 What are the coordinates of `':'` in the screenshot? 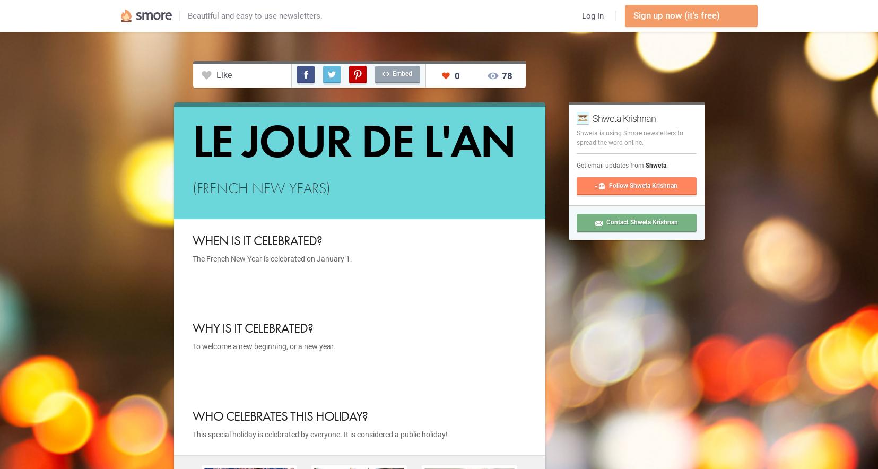 It's located at (666, 165).